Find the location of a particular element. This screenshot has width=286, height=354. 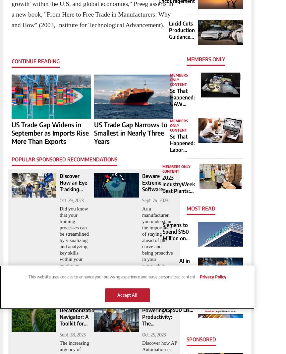

'Sept. 24, 2023' is located at coordinates (154, 200).